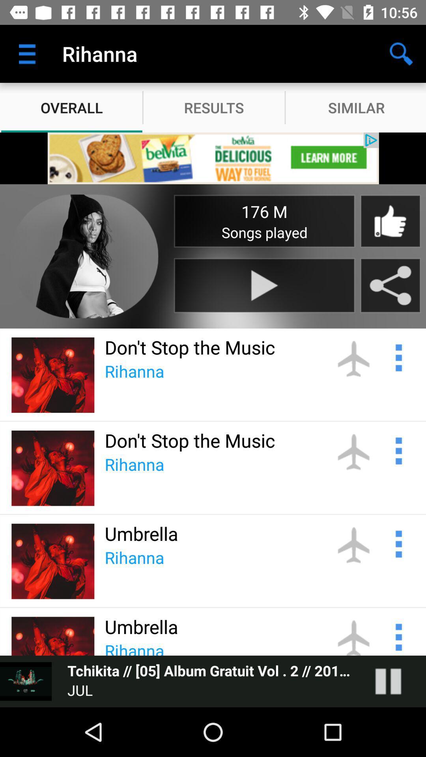 The image size is (426, 757). Describe the element at coordinates (390, 221) in the screenshot. I see `like` at that location.